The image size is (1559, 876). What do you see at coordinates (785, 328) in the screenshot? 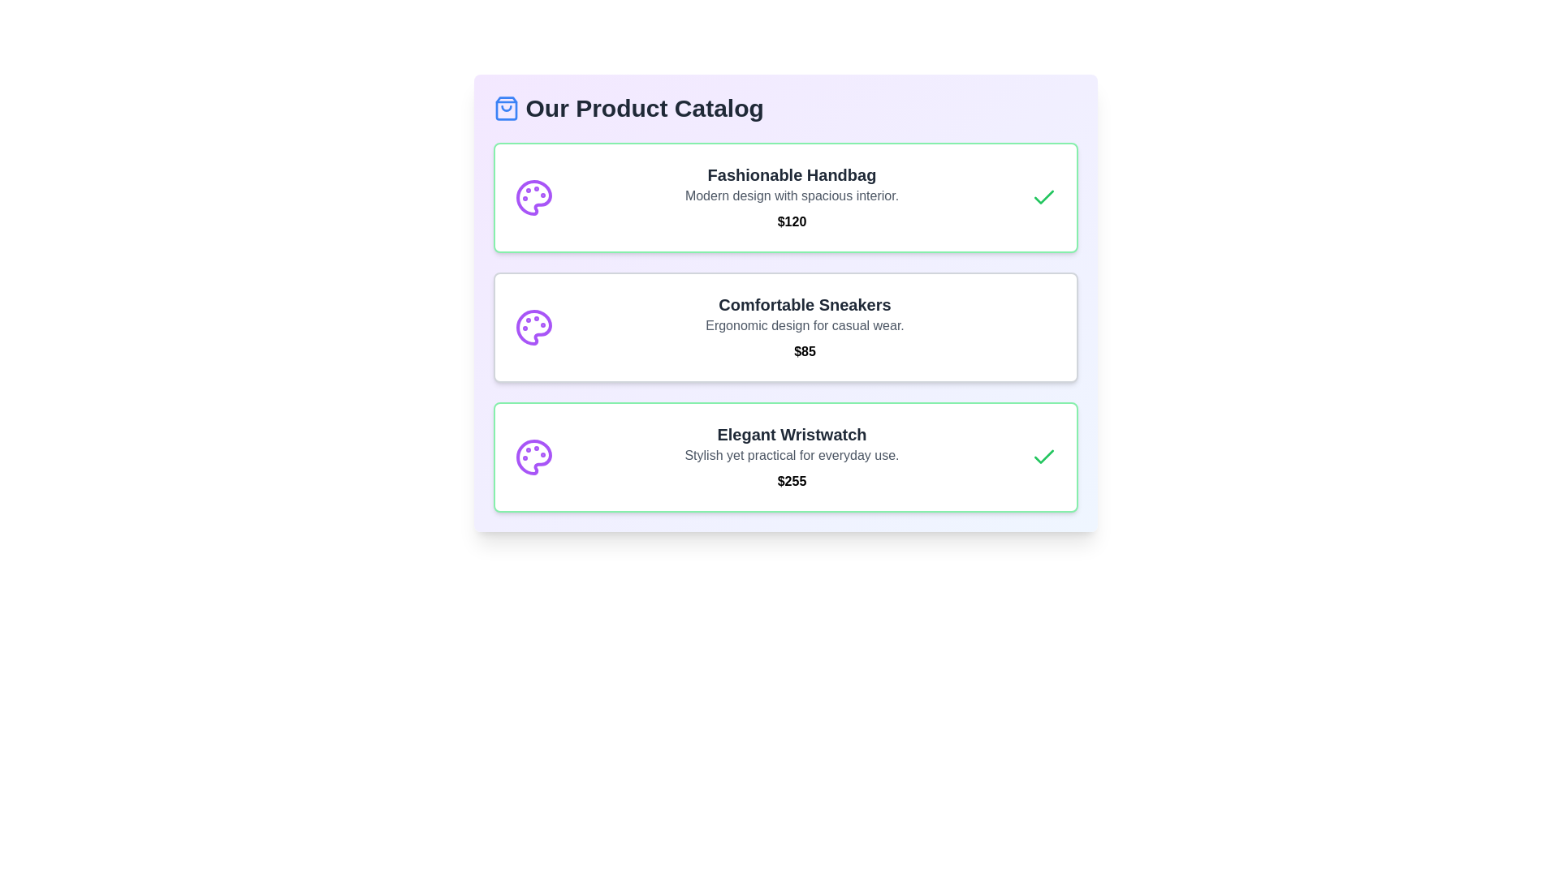
I see `the product item Comfortable Sneakers to observe its hover effect` at bounding box center [785, 328].